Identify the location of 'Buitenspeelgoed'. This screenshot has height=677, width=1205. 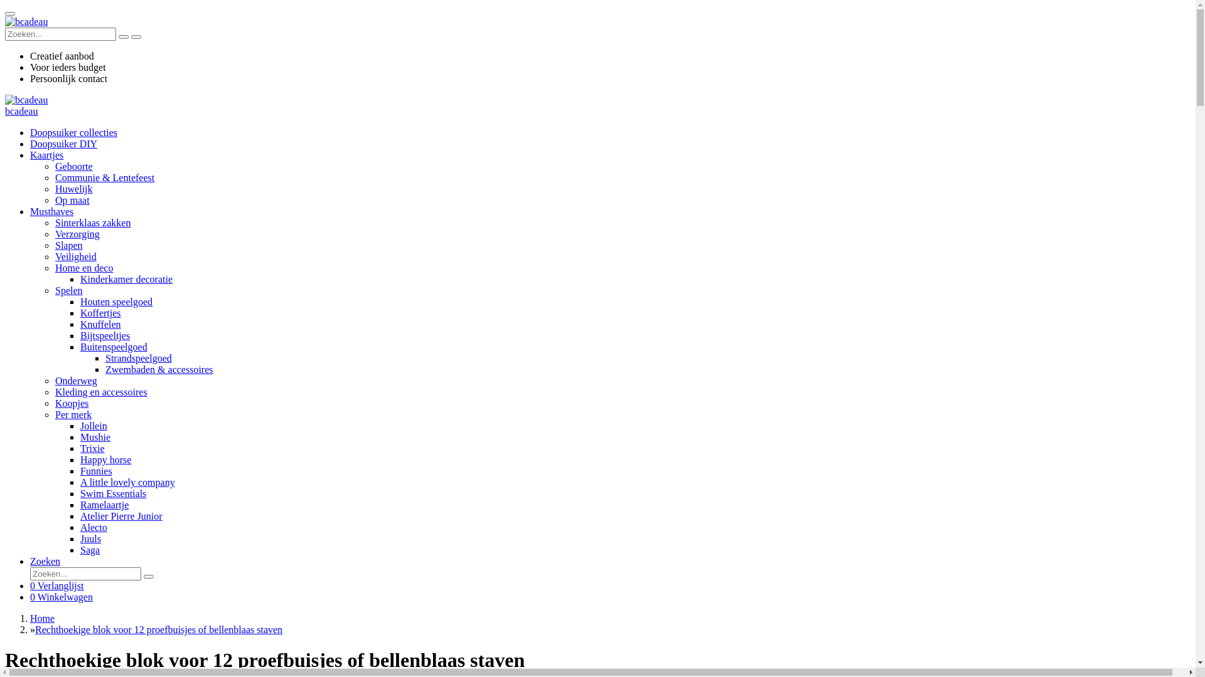
(114, 347).